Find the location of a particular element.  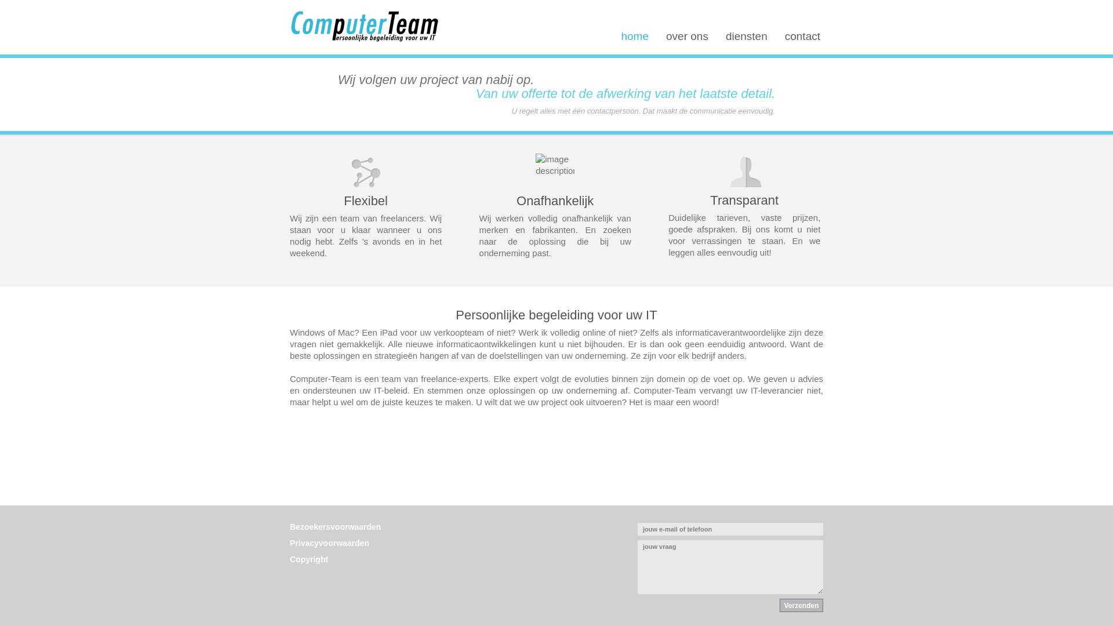

'Bezoekersvoorwaarden' is located at coordinates (334, 527).